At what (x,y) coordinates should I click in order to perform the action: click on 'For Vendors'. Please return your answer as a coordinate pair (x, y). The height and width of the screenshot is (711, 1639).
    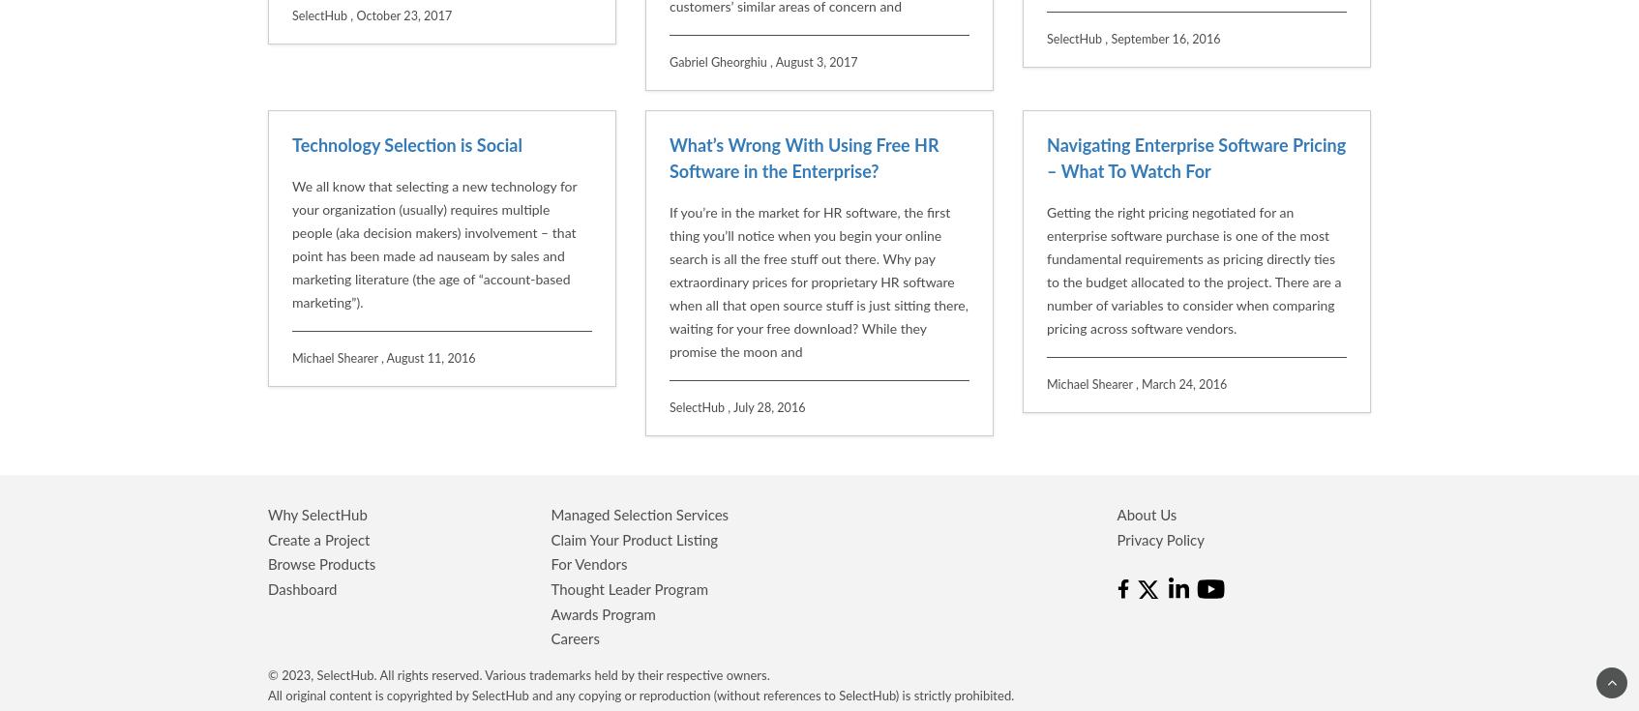
    Looking at the image, I should click on (587, 368).